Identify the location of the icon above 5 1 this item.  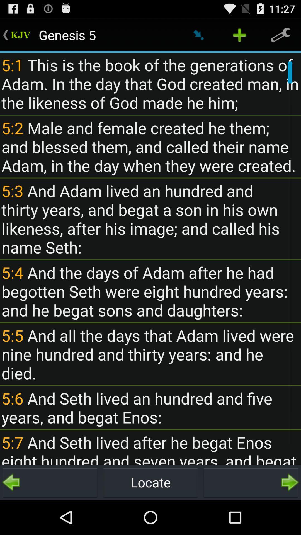
(280, 35).